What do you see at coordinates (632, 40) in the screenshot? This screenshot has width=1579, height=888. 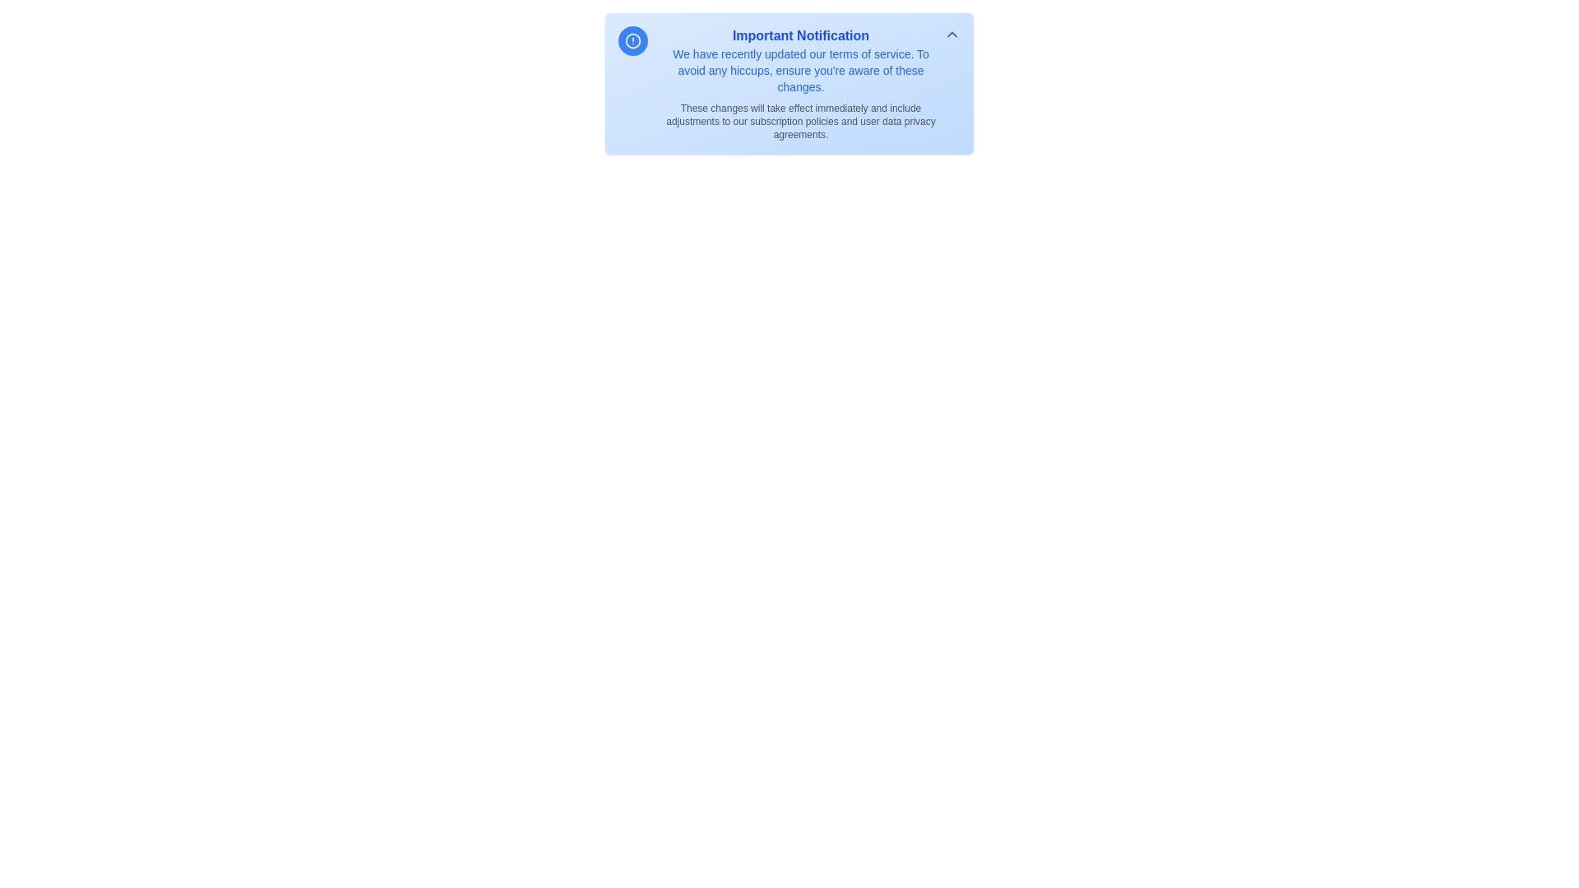 I see `the alert icon within the notification` at bounding box center [632, 40].